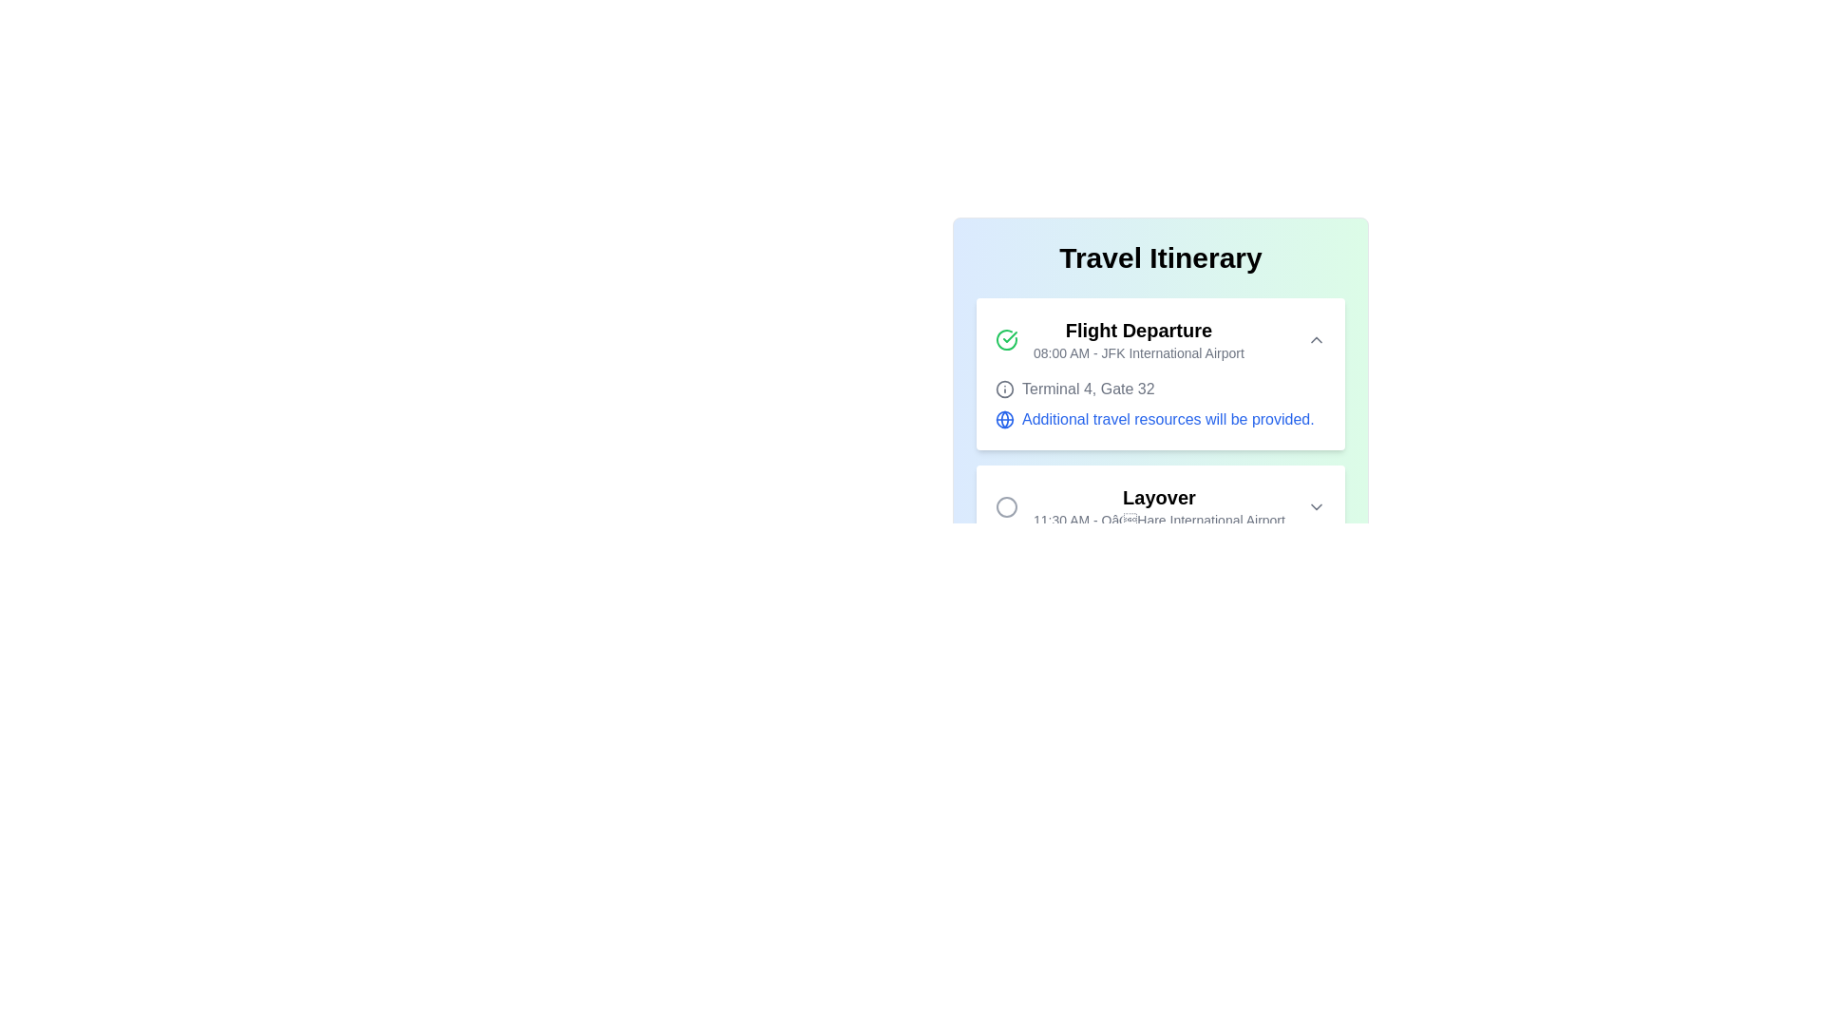  I want to click on displayed text of the informational element labeled 'Flight Departure' with the time '08:00 AM - JFK International Airport', which includes a green checkmark icon and is located at the top section of a flight itinerary interface, so click(1119, 339).